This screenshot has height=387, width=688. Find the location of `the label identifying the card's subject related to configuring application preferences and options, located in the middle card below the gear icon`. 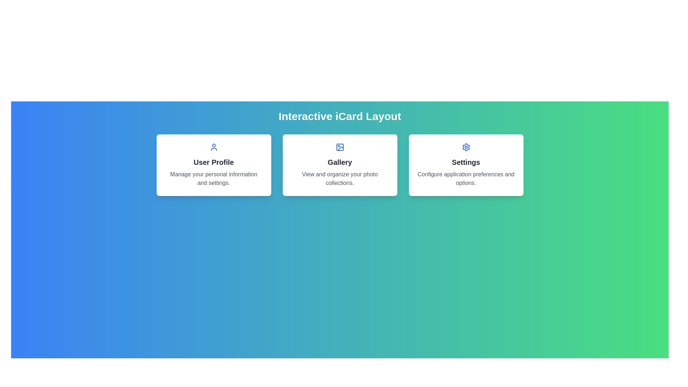

the label identifying the card's subject related to configuring application preferences and options, located in the middle card below the gear icon is located at coordinates (466, 162).